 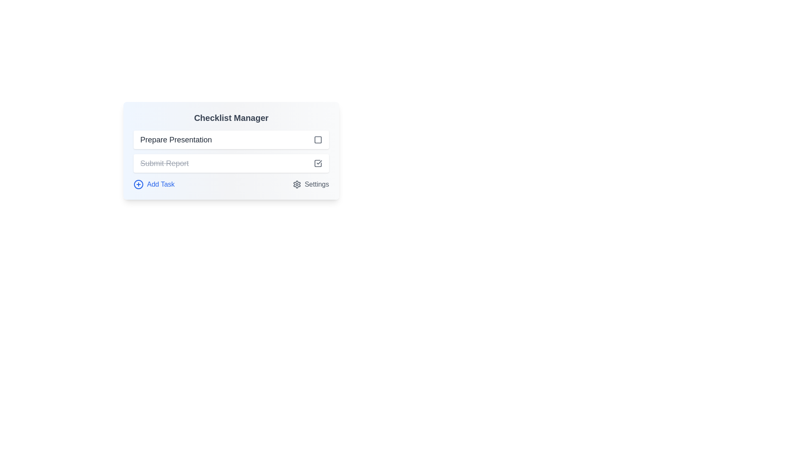 What do you see at coordinates (139, 184) in the screenshot?
I see `the circular icon with a plus sign inside, located at the bottom-left corner of the interface` at bounding box center [139, 184].